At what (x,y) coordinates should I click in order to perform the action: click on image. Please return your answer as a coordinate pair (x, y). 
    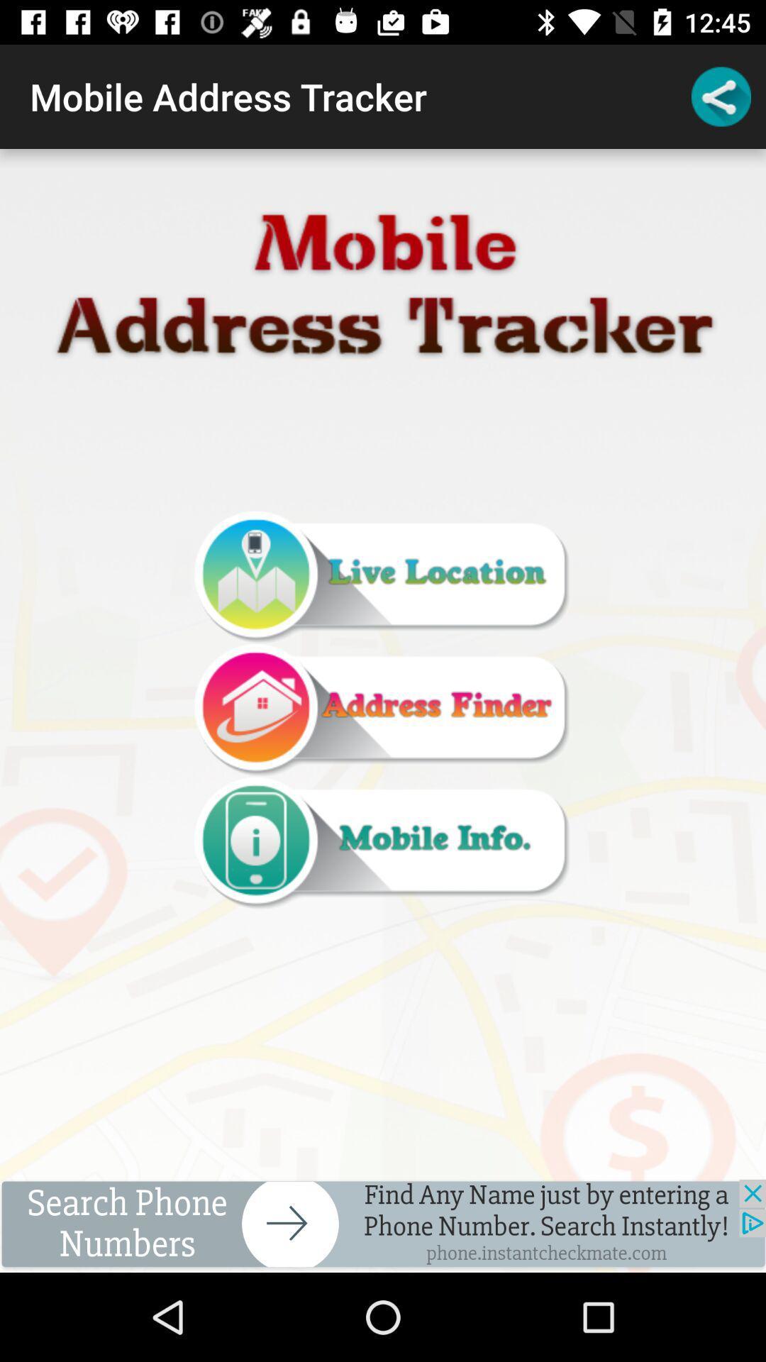
    Looking at the image, I should click on (382, 711).